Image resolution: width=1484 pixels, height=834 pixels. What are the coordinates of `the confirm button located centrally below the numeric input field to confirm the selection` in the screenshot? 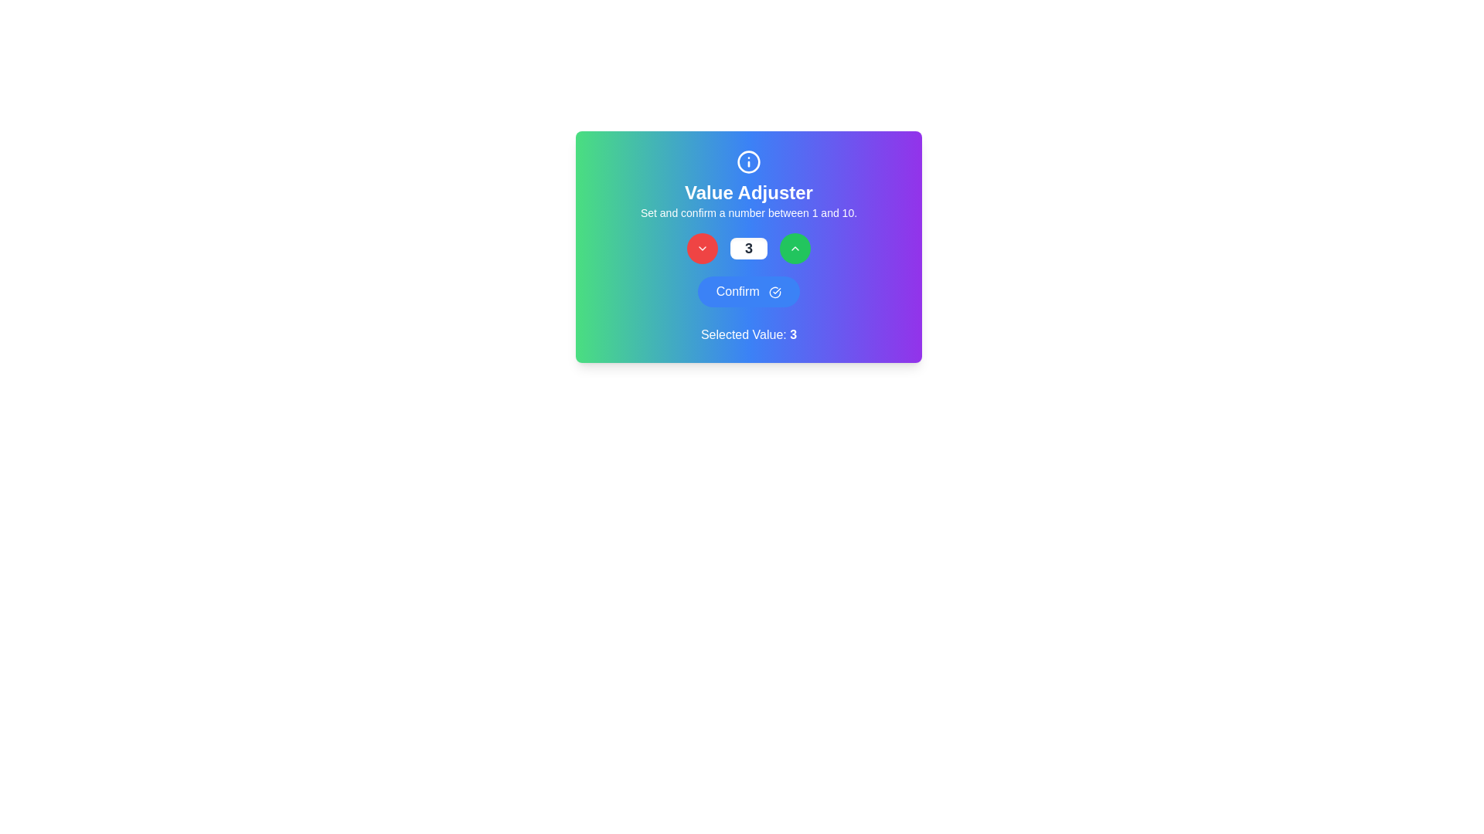 It's located at (749, 270).